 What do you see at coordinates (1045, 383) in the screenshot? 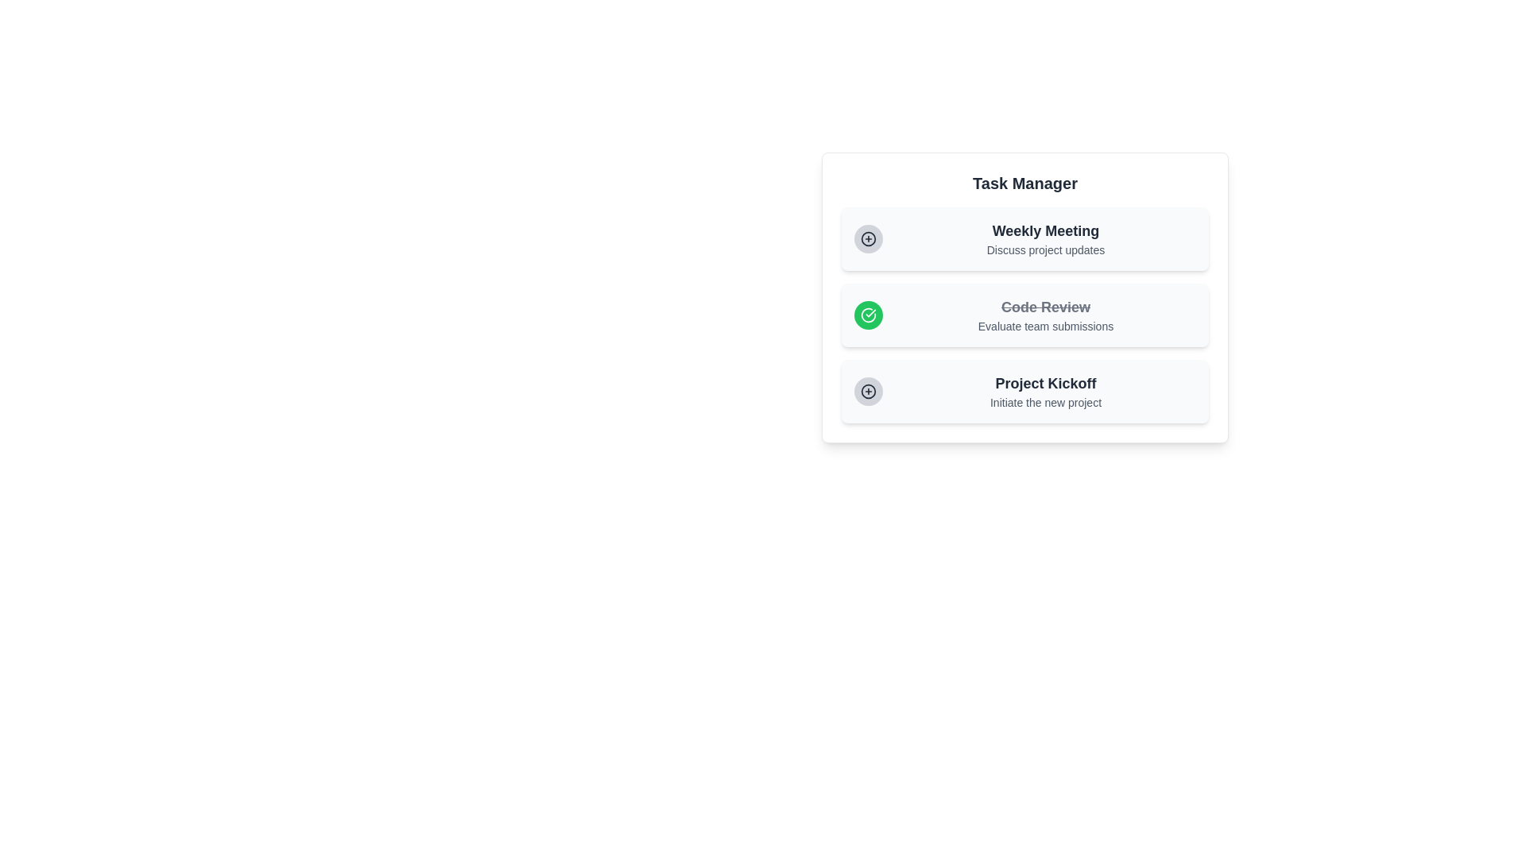
I see `the 'Project Kickoff' text label element, which is displayed in bold and larger font size, located centrally in the 'Task Manager' section above the description 'Initiate the new project'` at bounding box center [1045, 383].